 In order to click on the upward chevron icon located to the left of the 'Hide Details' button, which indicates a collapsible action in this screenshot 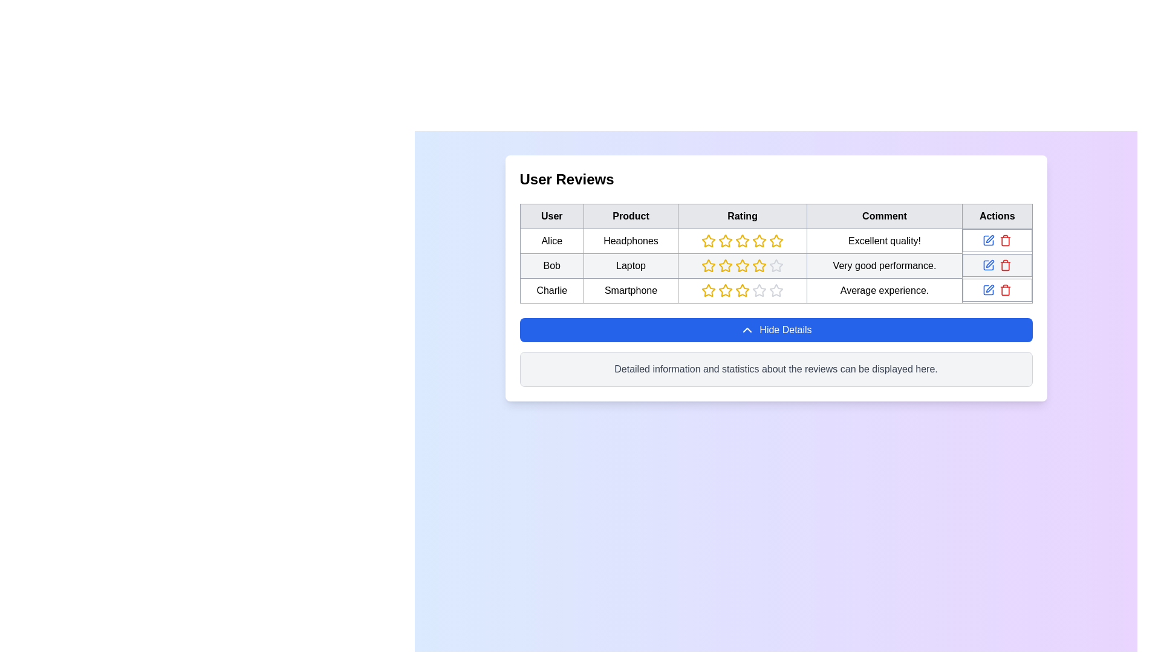, I will do `click(747, 330)`.